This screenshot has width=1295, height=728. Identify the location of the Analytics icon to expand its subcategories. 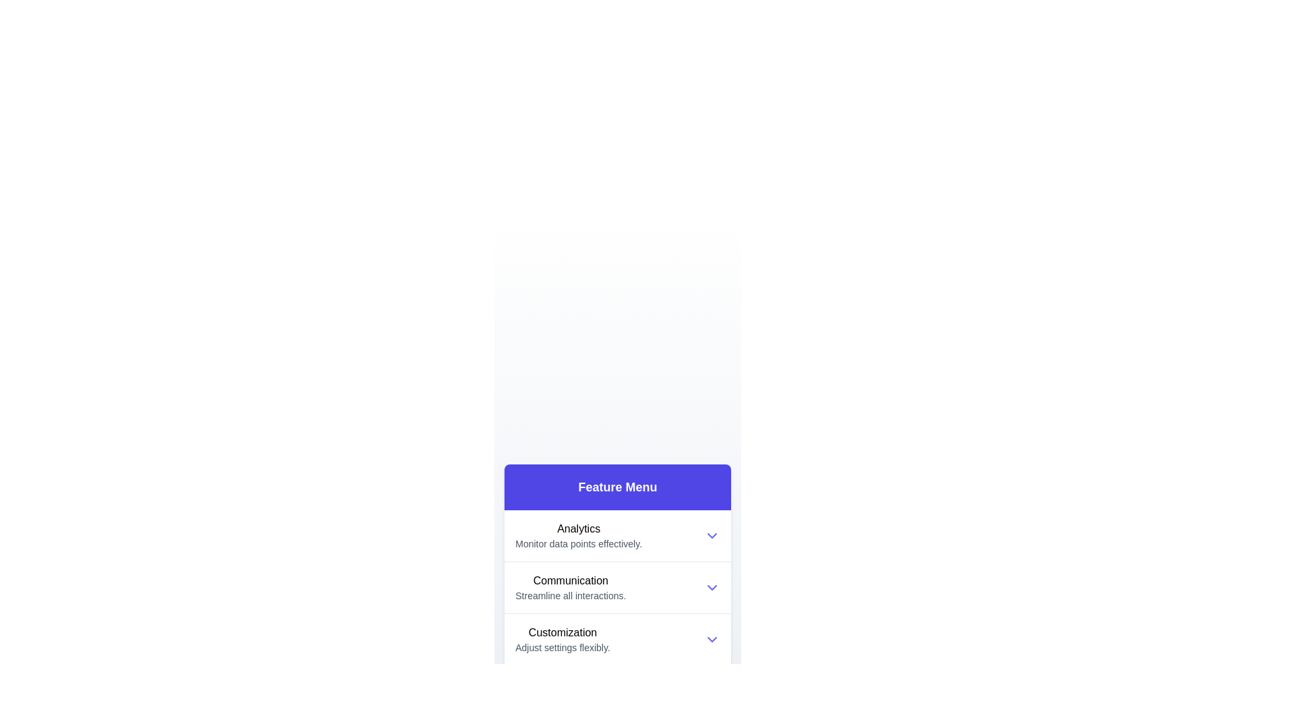
(579, 535).